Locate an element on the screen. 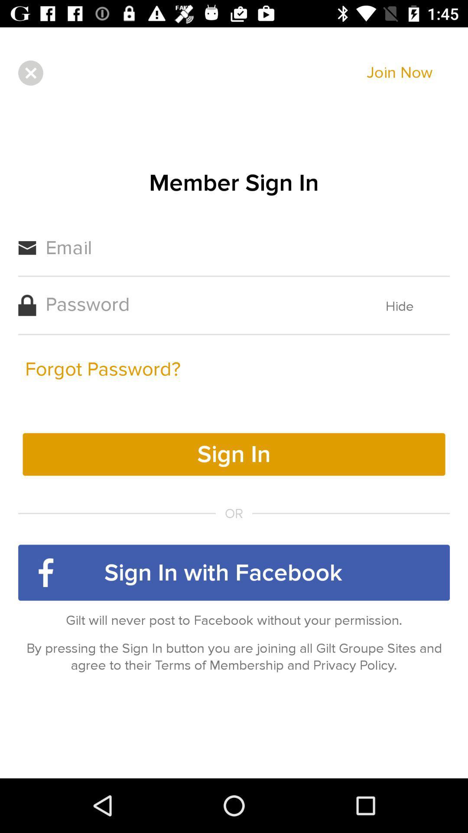  forgot password? item is located at coordinates (102, 369).